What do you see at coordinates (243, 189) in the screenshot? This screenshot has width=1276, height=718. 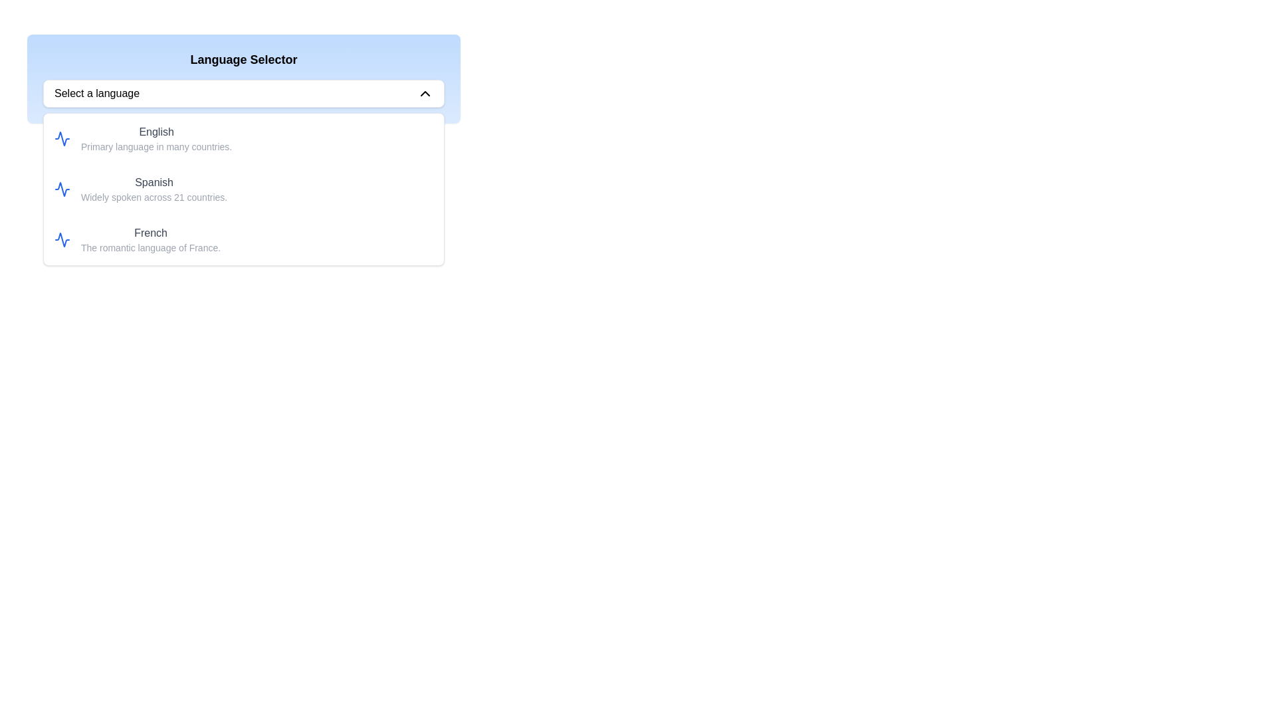 I see `the list item displaying 'Spanish' in the dropdown menu titled 'Language Selector'` at bounding box center [243, 189].